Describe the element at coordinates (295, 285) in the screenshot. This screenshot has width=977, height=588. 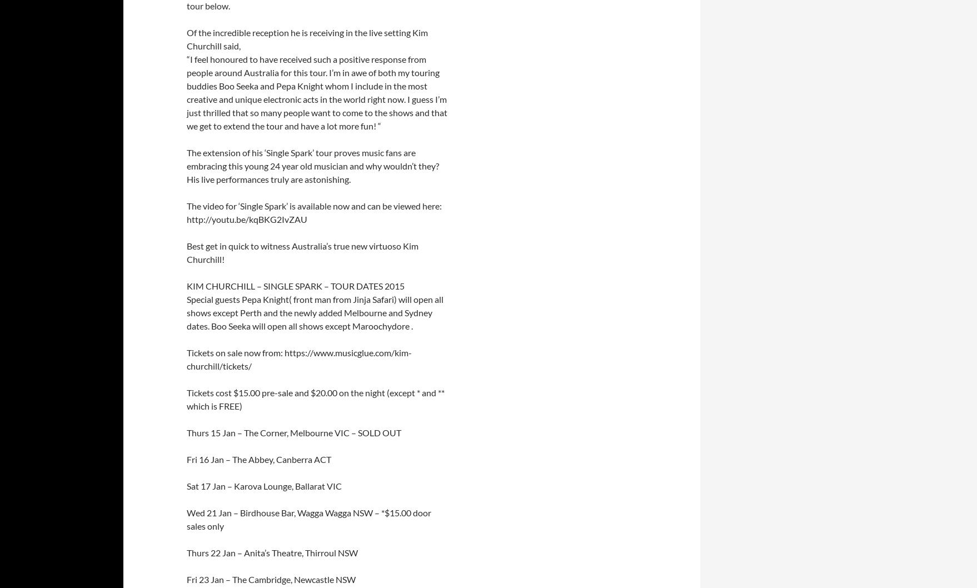
I see `'KIM CHURCHILL – SINGLE SPARK – TOUR DATES 2015'` at that location.